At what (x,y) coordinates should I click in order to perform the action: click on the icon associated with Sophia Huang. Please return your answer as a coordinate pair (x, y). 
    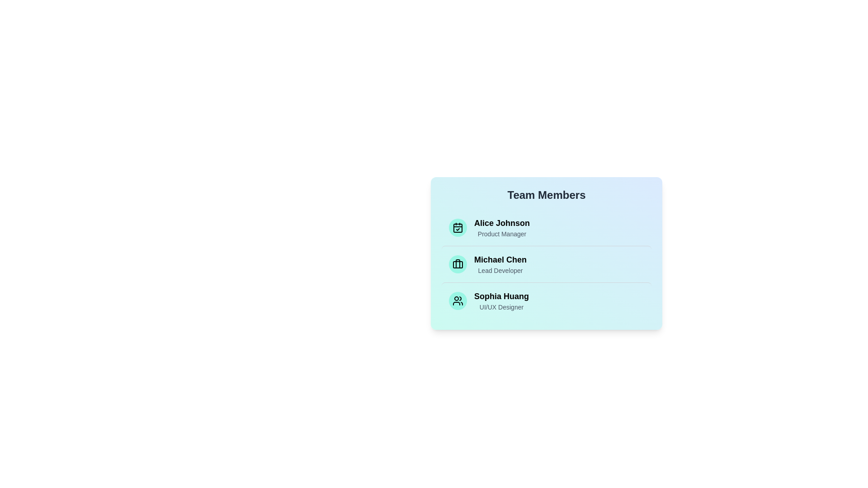
    Looking at the image, I should click on (458, 301).